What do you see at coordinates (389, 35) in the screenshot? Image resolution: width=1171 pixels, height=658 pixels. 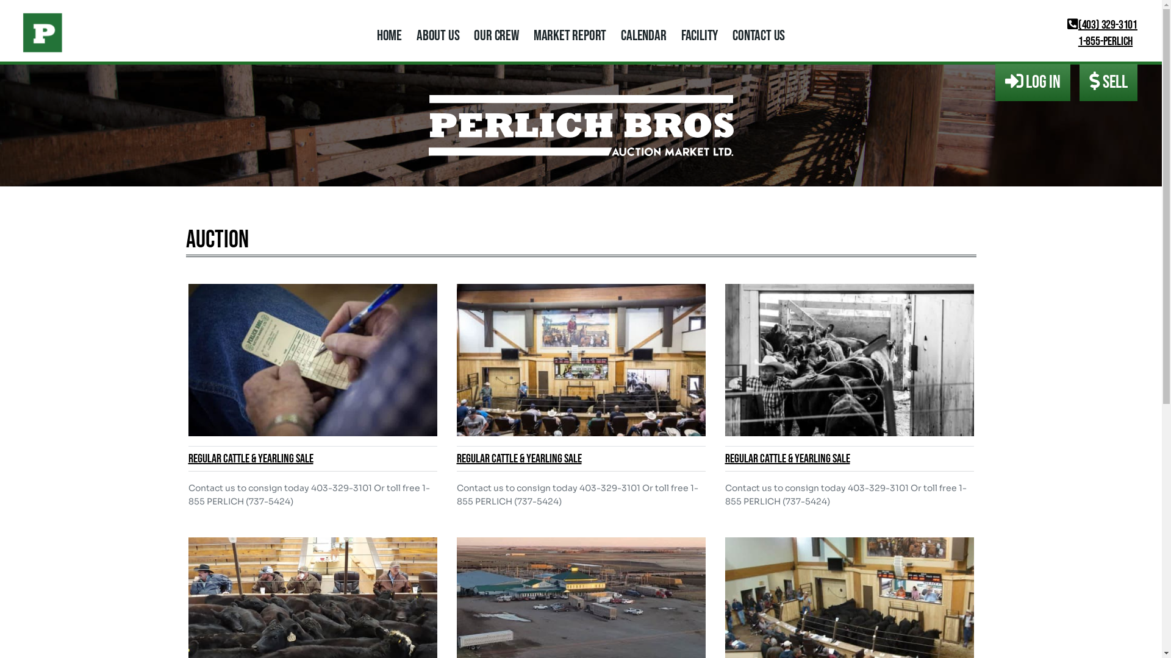 I see `'HOME'` at bounding box center [389, 35].